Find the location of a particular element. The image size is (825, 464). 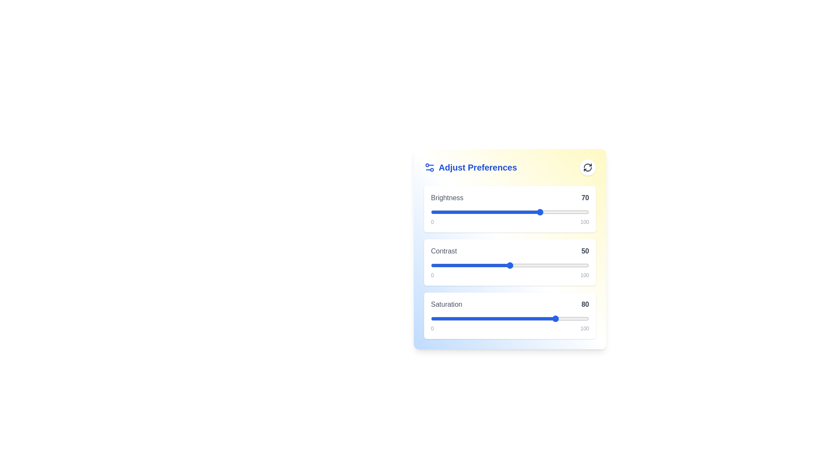

the refresh icon button located at the top-right corner of the 'Adjust Preferences' section is located at coordinates (587, 167).